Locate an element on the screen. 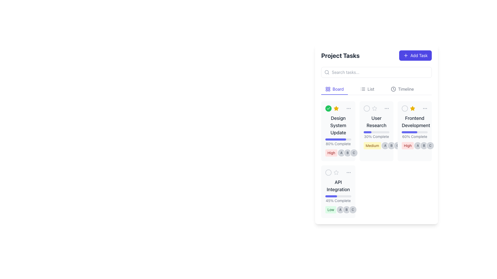 Image resolution: width=497 pixels, height=279 pixels. the 'Board' navigation tab, which is the first option in the horizontal navigation bar styled in indigo with a bold underline is located at coordinates (334, 89).